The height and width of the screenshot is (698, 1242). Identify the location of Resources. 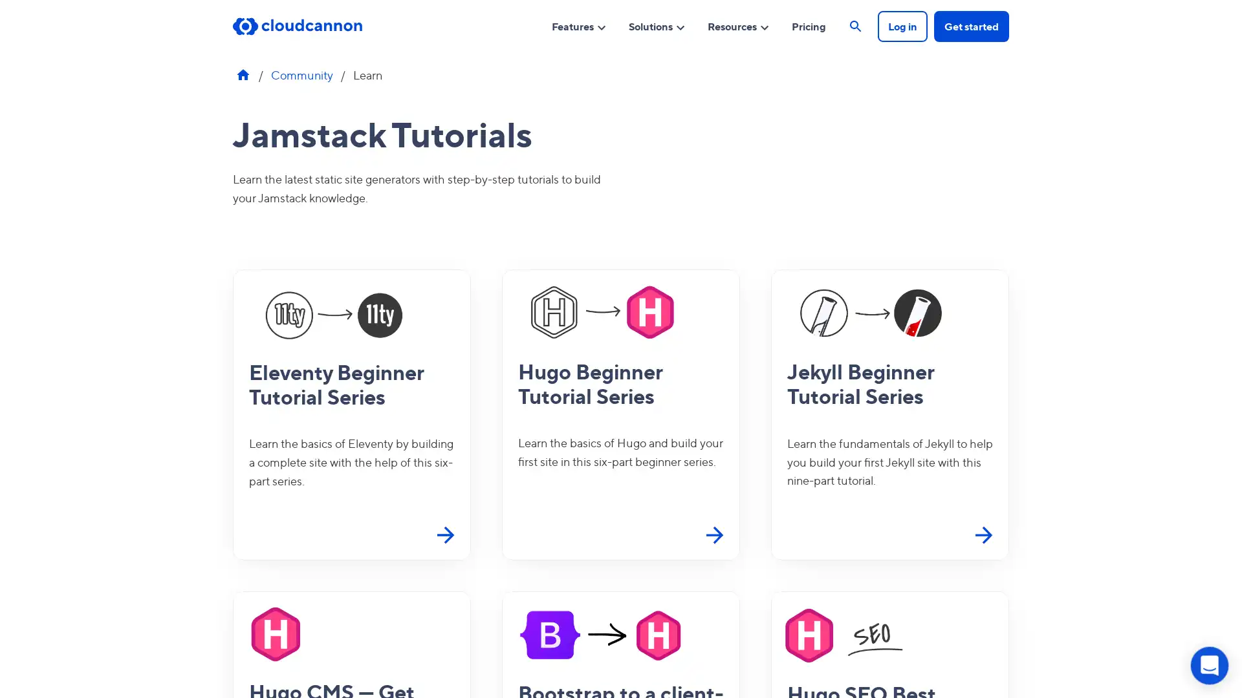
(739, 25).